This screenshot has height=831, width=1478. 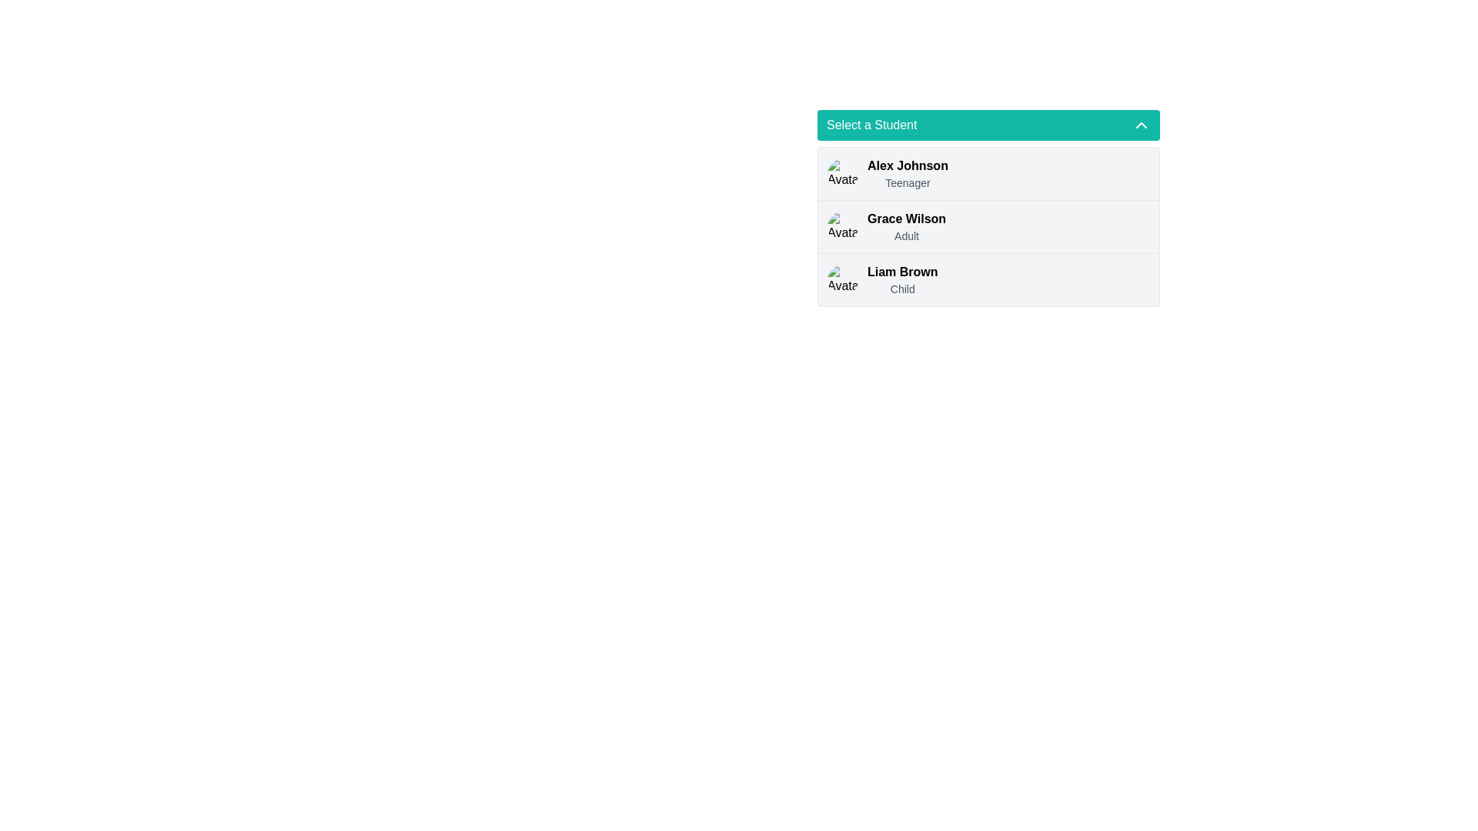 What do you see at coordinates (906, 219) in the screenshot?
I see `the static text label 'Grace Wilson'` at bounding box center [906, 219].